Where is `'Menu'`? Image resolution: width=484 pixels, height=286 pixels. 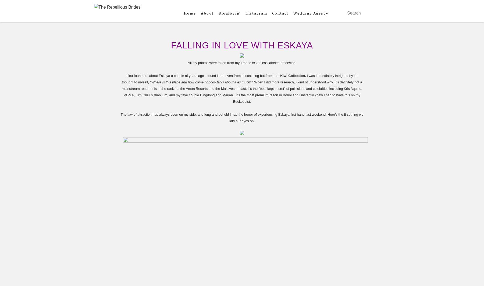
'Menu' is located at coordinates (107, 20).